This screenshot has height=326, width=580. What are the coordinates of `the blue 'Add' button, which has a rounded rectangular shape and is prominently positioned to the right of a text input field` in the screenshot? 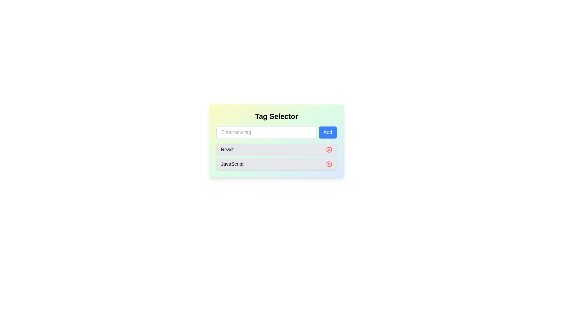 It's located at (327, 132).